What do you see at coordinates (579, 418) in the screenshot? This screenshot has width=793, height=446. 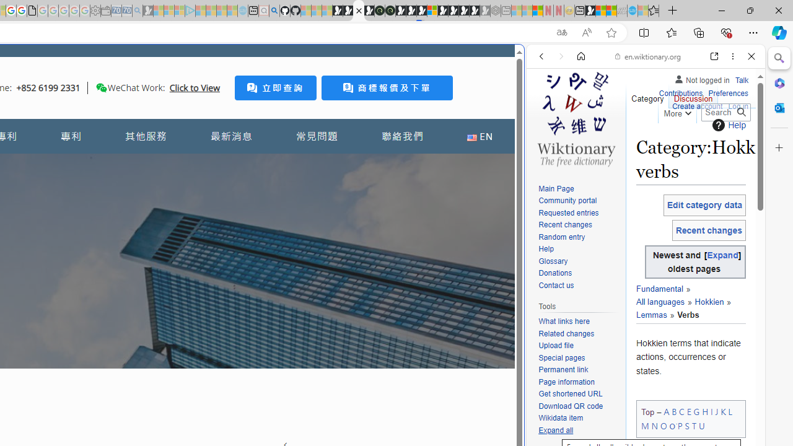 I see `'Wikidata item'` at bounding box center [579, 418].